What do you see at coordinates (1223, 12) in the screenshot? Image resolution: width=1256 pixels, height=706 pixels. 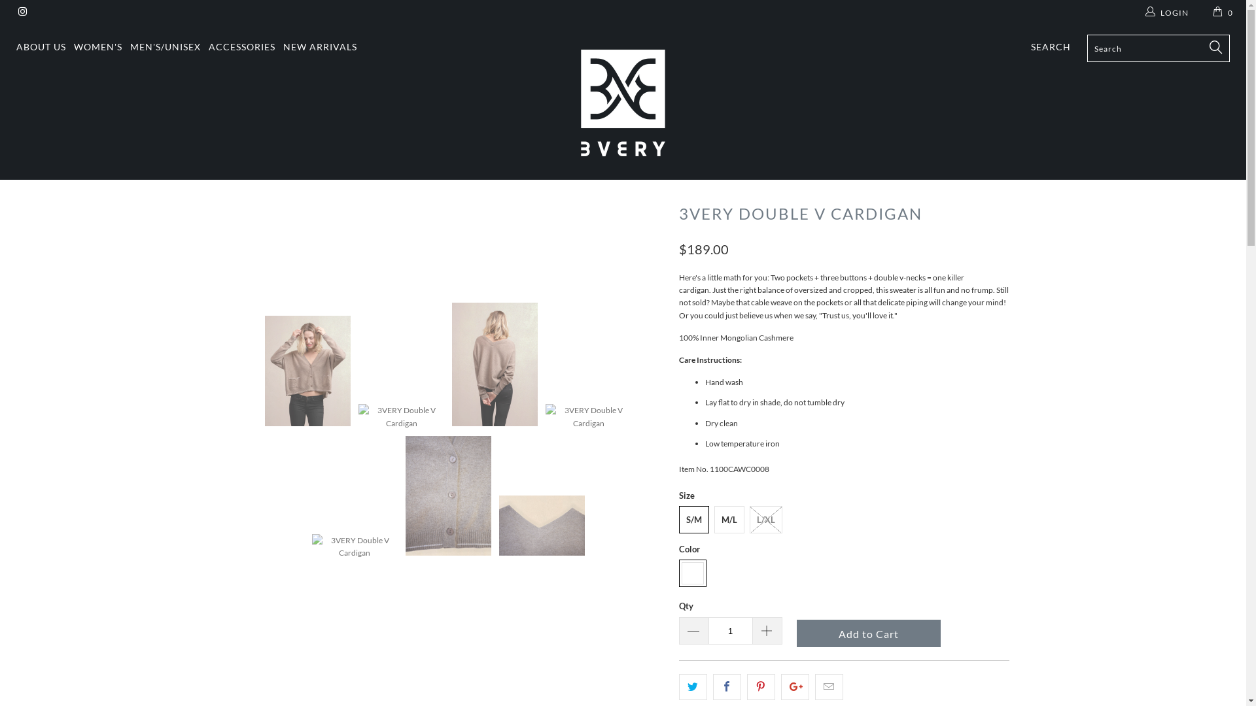 I see `'0'` at bounding box center [1223, 12].